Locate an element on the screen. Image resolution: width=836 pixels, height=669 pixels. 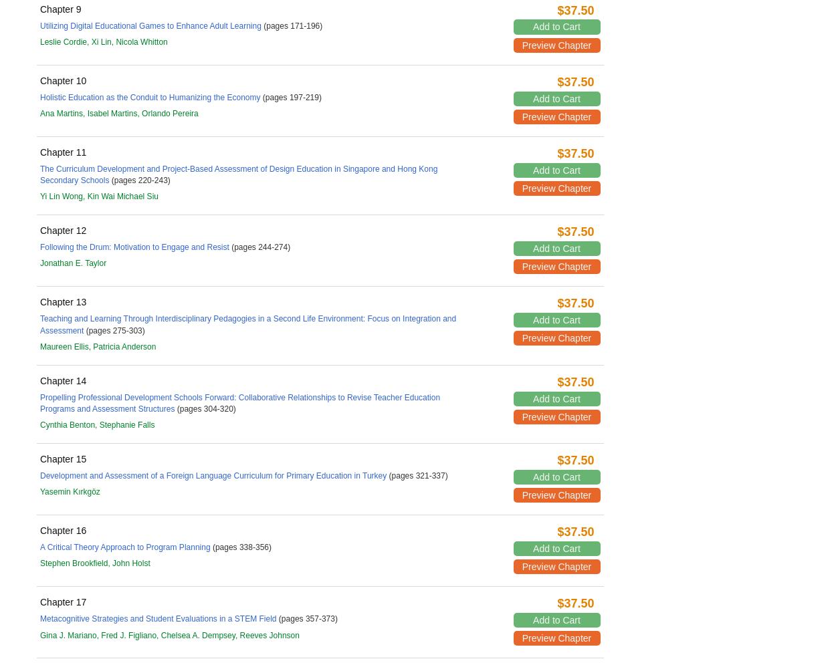
'Yi Lin Wong, Kin Wai Michael Siu' is located at coordinates (40, 196).